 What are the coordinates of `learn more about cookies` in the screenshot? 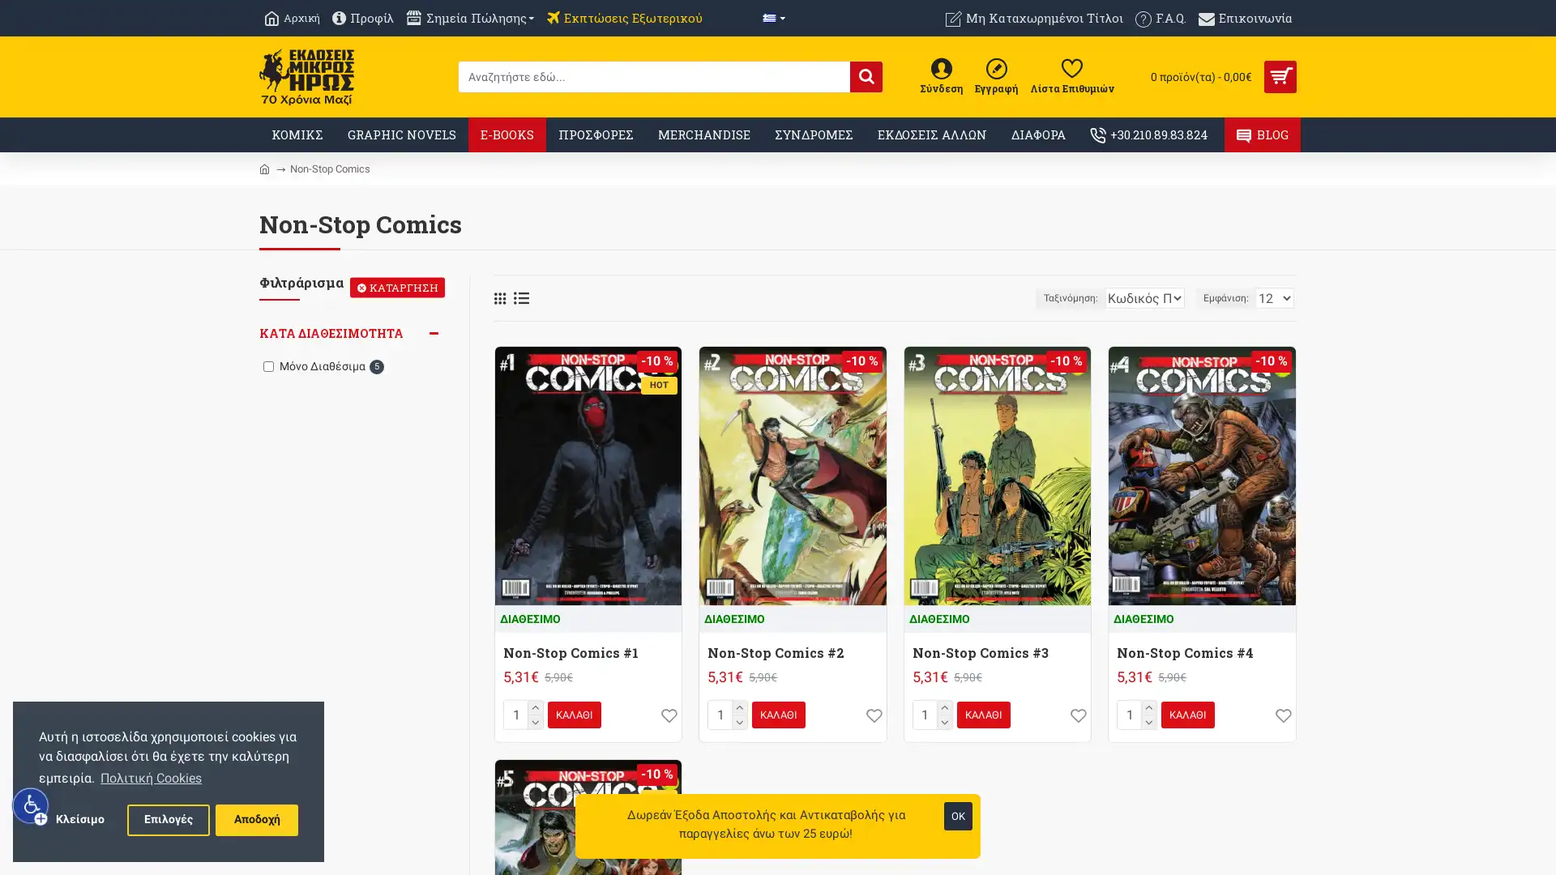 It's located at (151, 777).